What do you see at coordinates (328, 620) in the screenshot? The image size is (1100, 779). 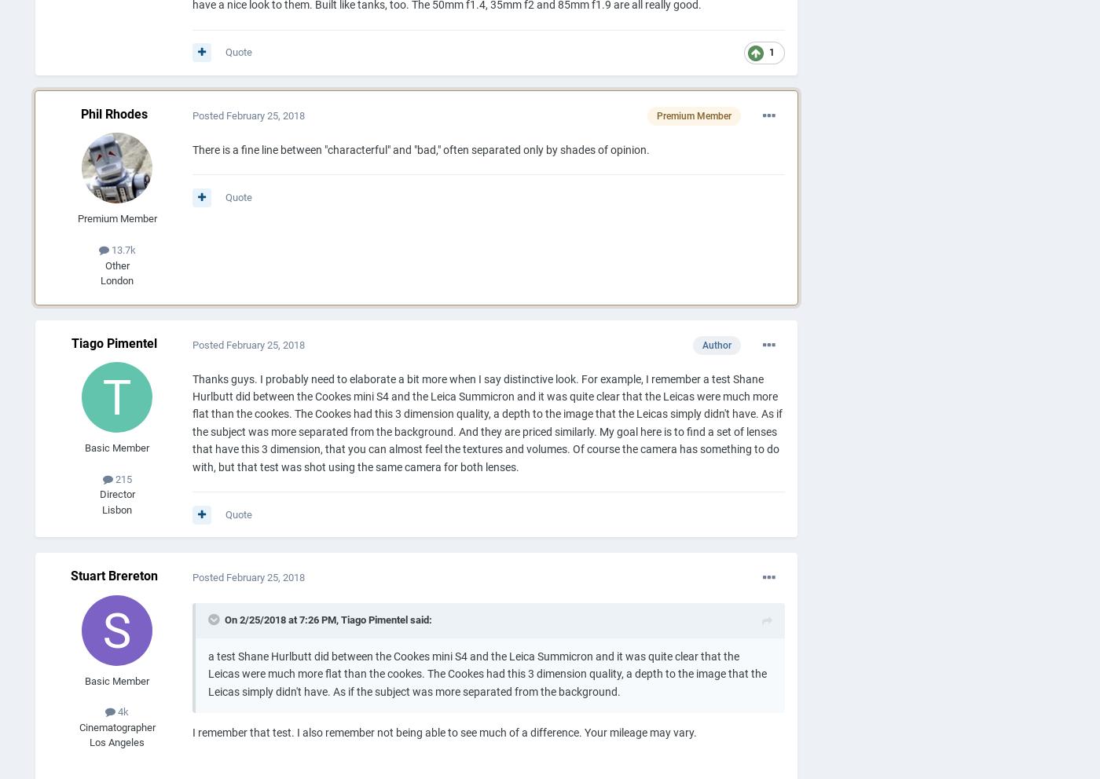 I see `'On 2/25/2018 at 7:26 PM, Tiago Pimentel said:'` at bounding box center [328, 620].